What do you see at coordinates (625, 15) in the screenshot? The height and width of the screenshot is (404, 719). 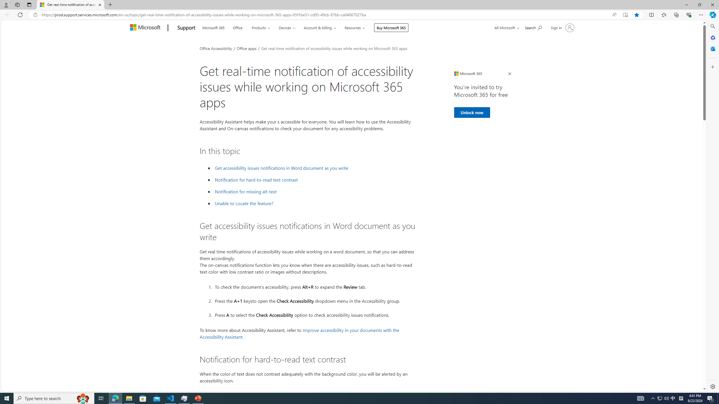 I see `'Enter Immersive Reader (F9)'` at bounding box center [625, 15].